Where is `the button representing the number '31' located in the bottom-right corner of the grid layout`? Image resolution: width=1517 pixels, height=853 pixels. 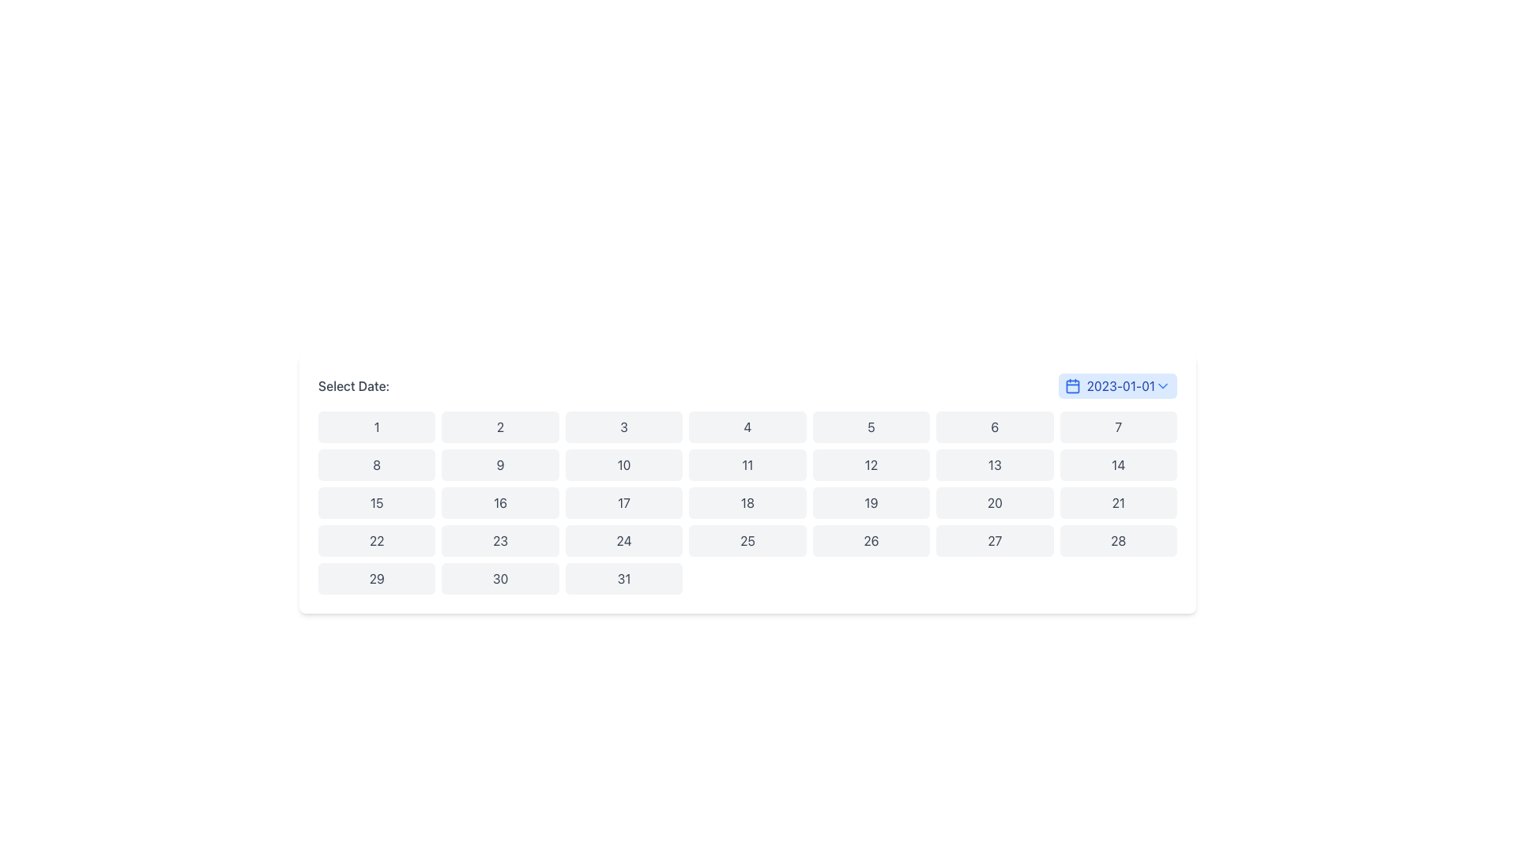
the button representing the number '31' located in the bottom-right corner of the grid layout is located at coordinates (623, 578).